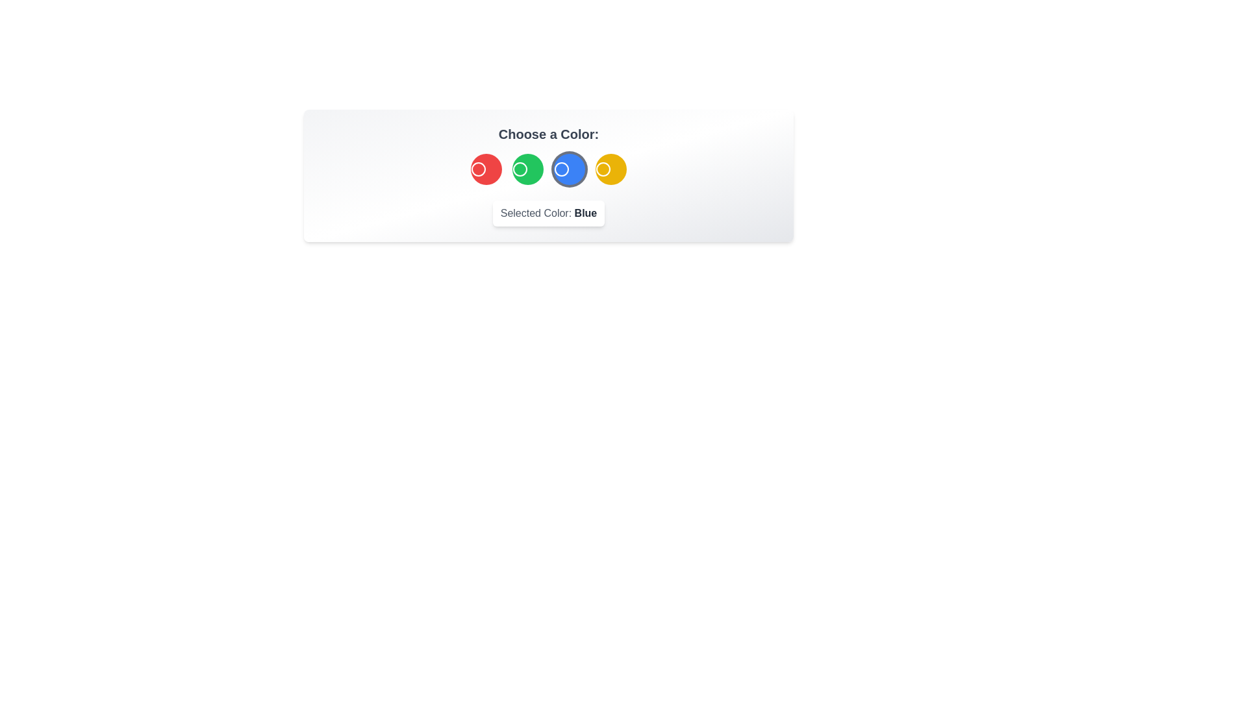 The image size is (1247, 701). I want to click on the Red color by clicking the corresponding button, so click(485, 169).